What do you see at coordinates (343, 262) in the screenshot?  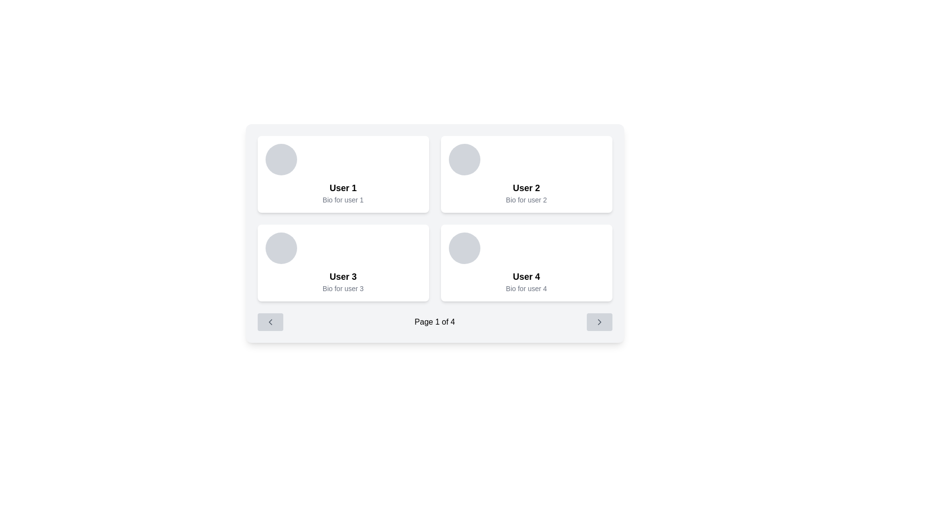 I see `the Profile Card that represents a user's profile snippet, located in the bottom-left of a 2x2 grid, underneath the 'User 1' card and to the left of the 'User 4' card` at bounding box center [343, 262].